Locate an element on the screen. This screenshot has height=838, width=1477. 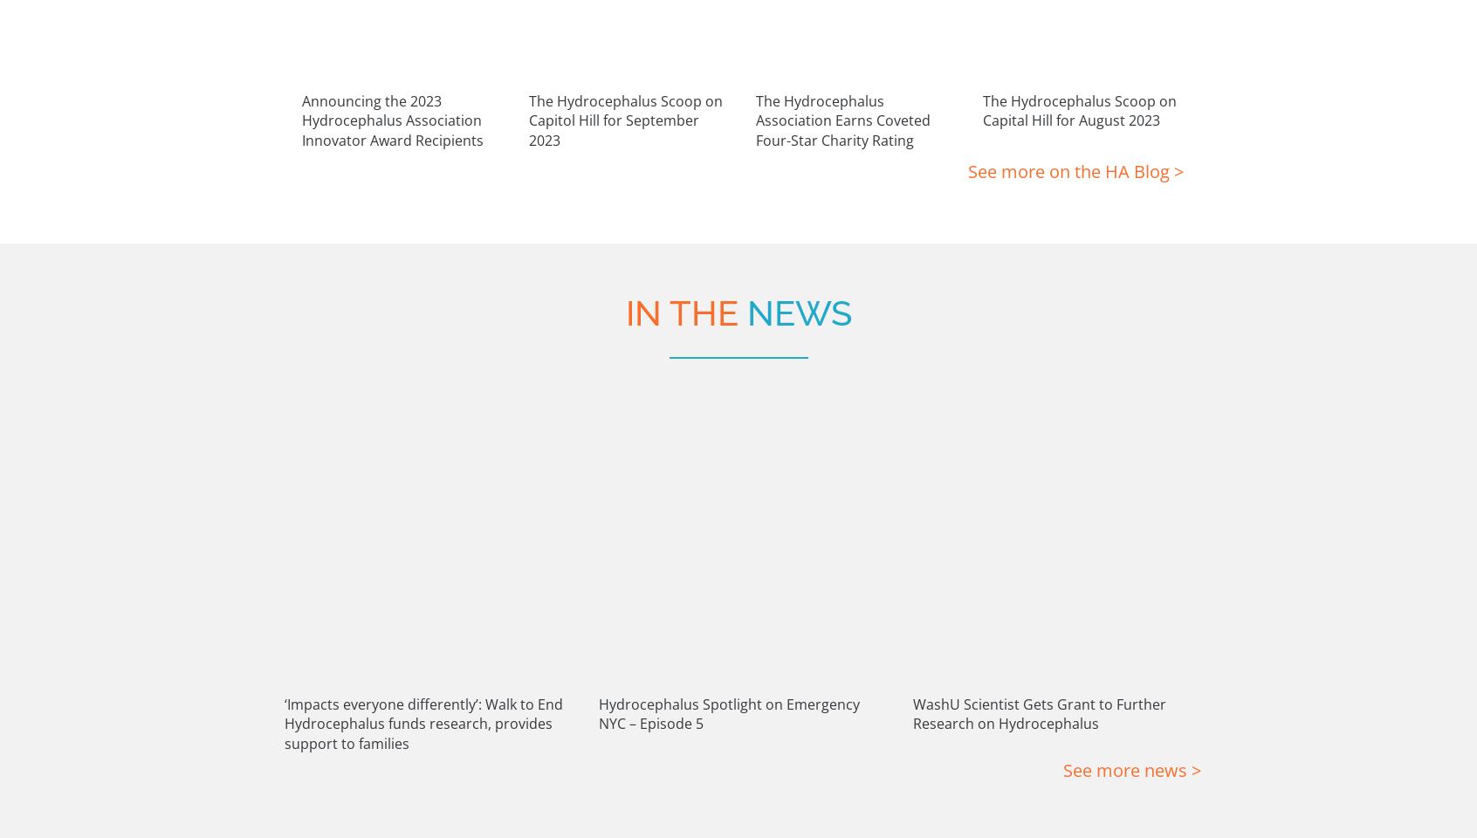
'4340 East West Highway, Suite 905' is located at coordinates (555, 684).